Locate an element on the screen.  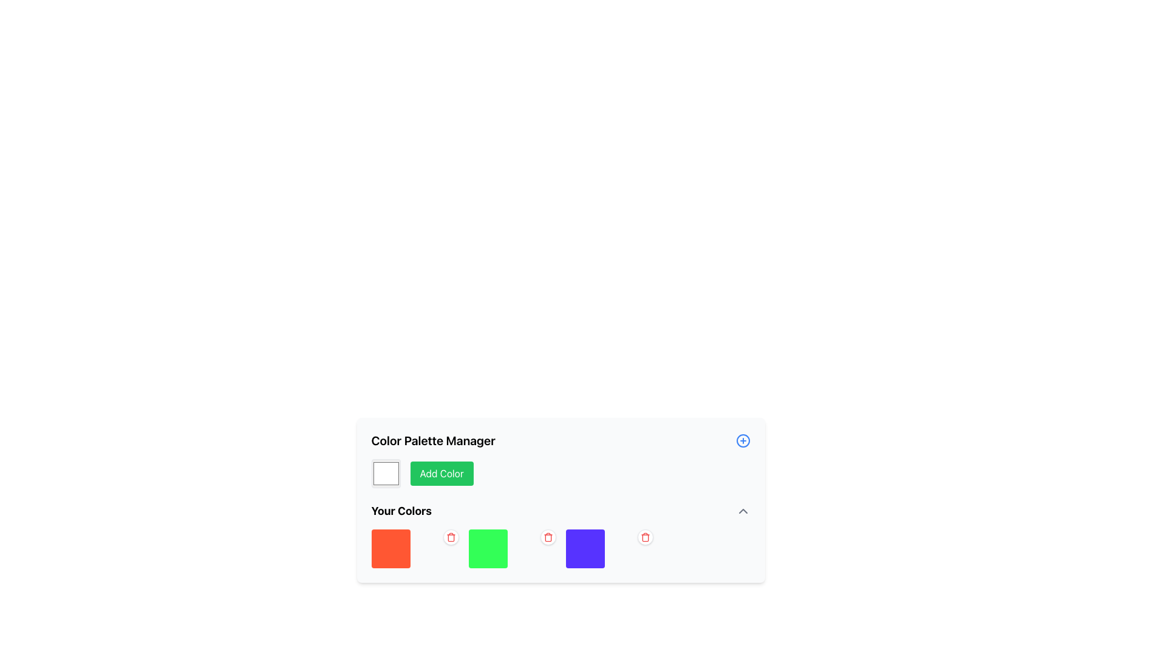
the Color card located at the first position of a four-column grid is located at coordinates (415, 549).